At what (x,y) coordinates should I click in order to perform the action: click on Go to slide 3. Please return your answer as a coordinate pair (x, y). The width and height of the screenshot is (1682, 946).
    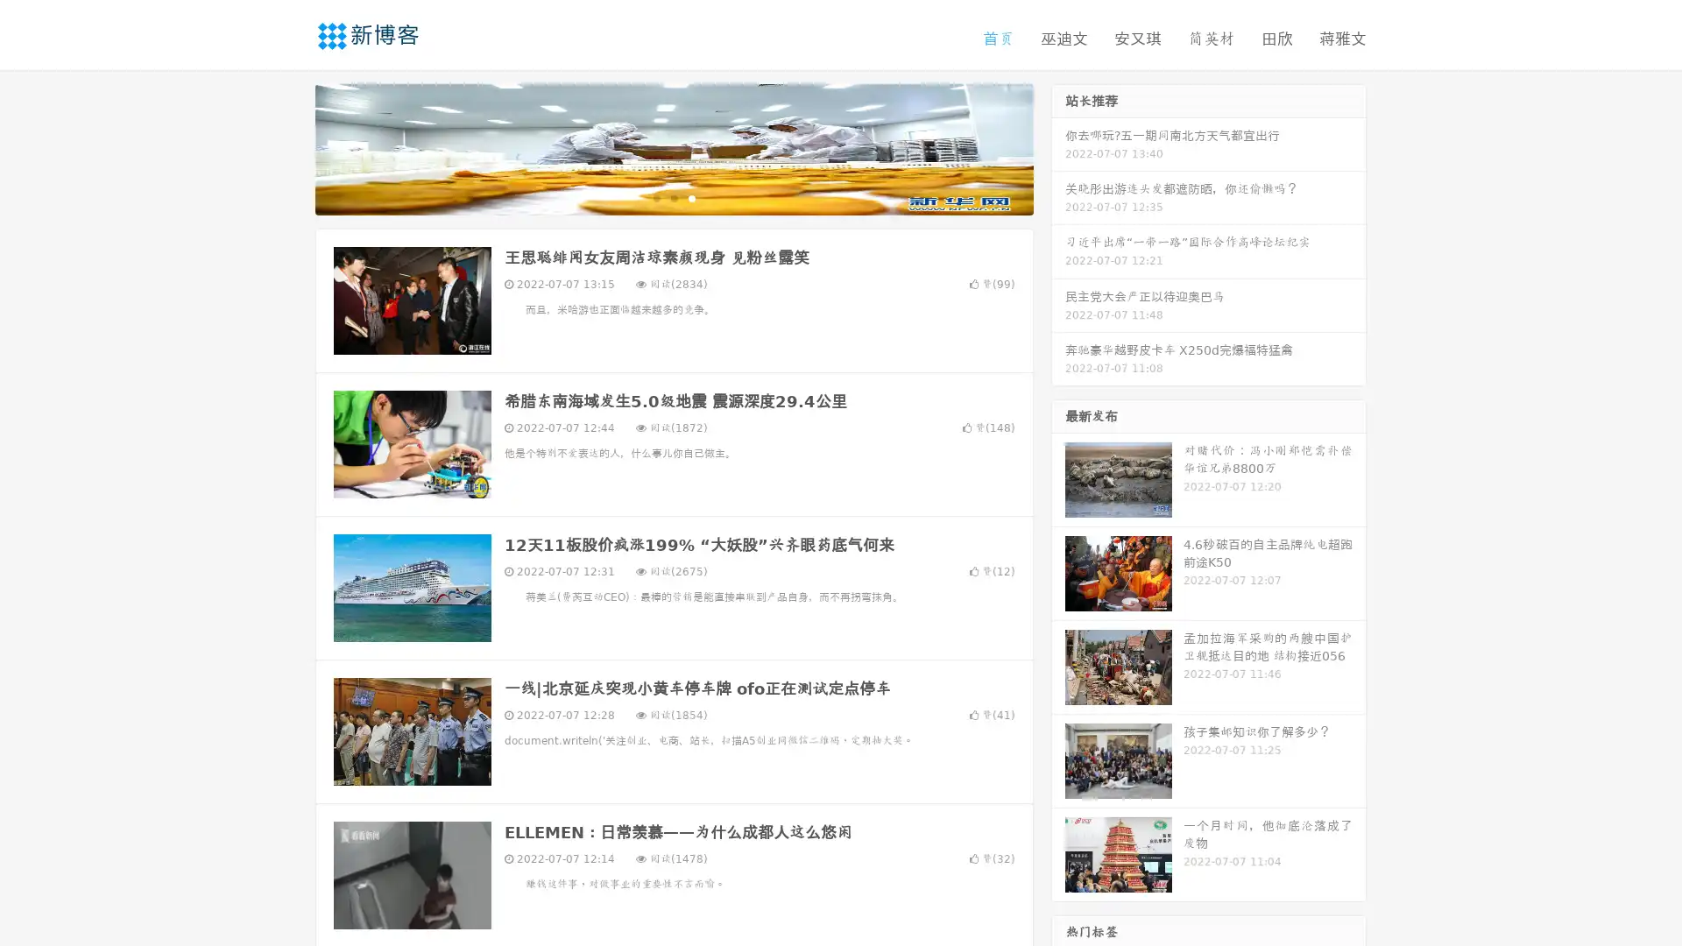
    Looking at the image, I should click on (691, 197).